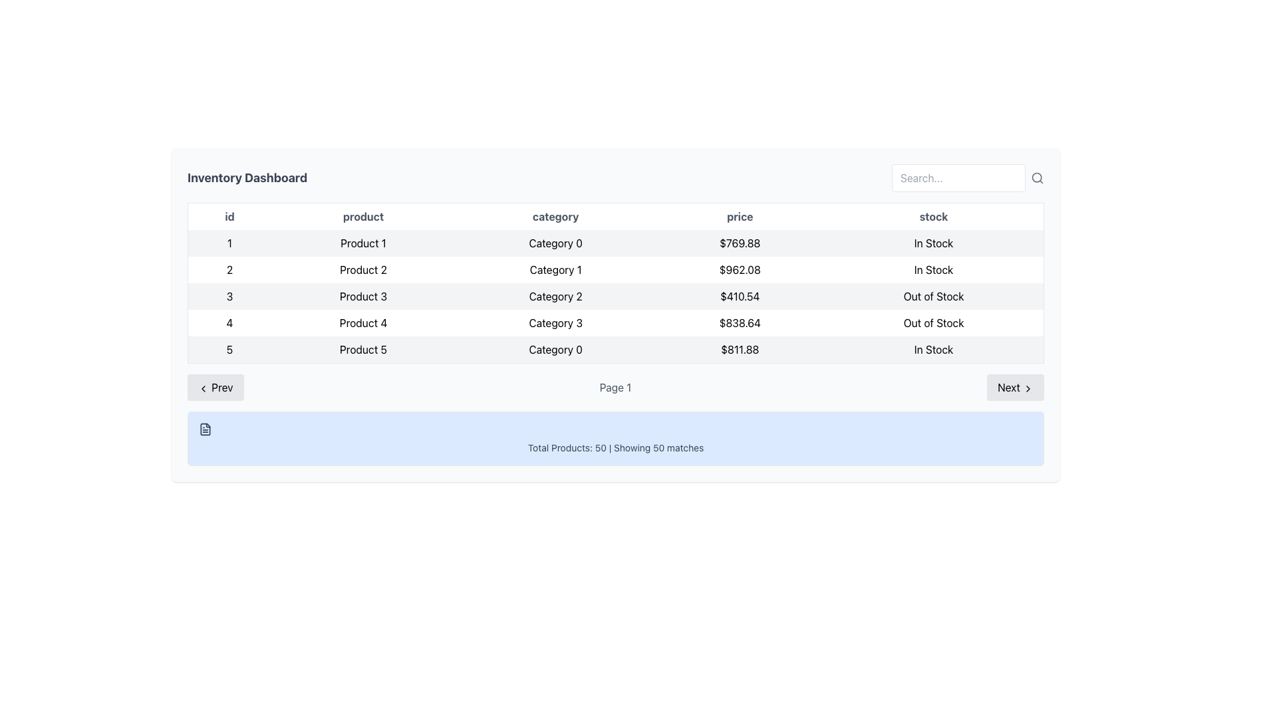  I want to click on the third table row containing product information for 'Product 3', which includes the identifier '3', the category 'Category 2', the price '$410.54', and the stock status 'Out of Stock', so click(615, 296).